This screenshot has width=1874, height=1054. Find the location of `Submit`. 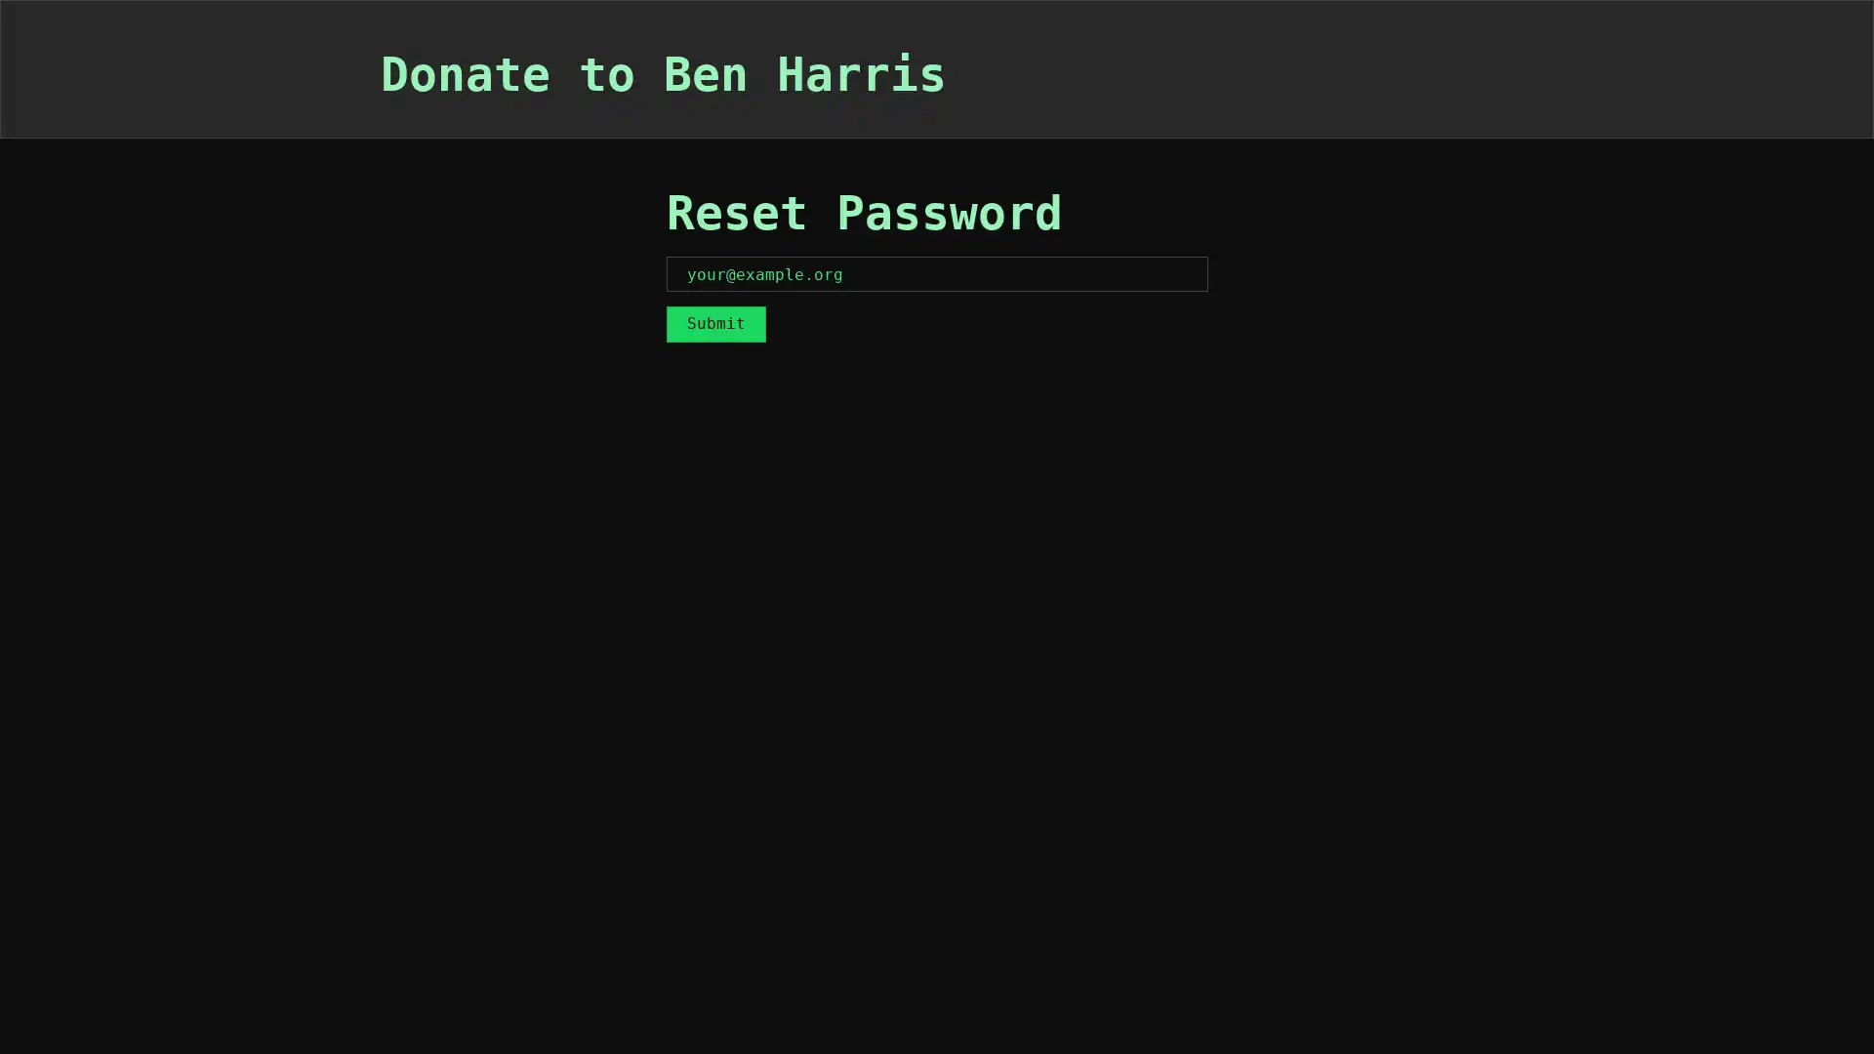

Submit is located at coordinates (714, 322).